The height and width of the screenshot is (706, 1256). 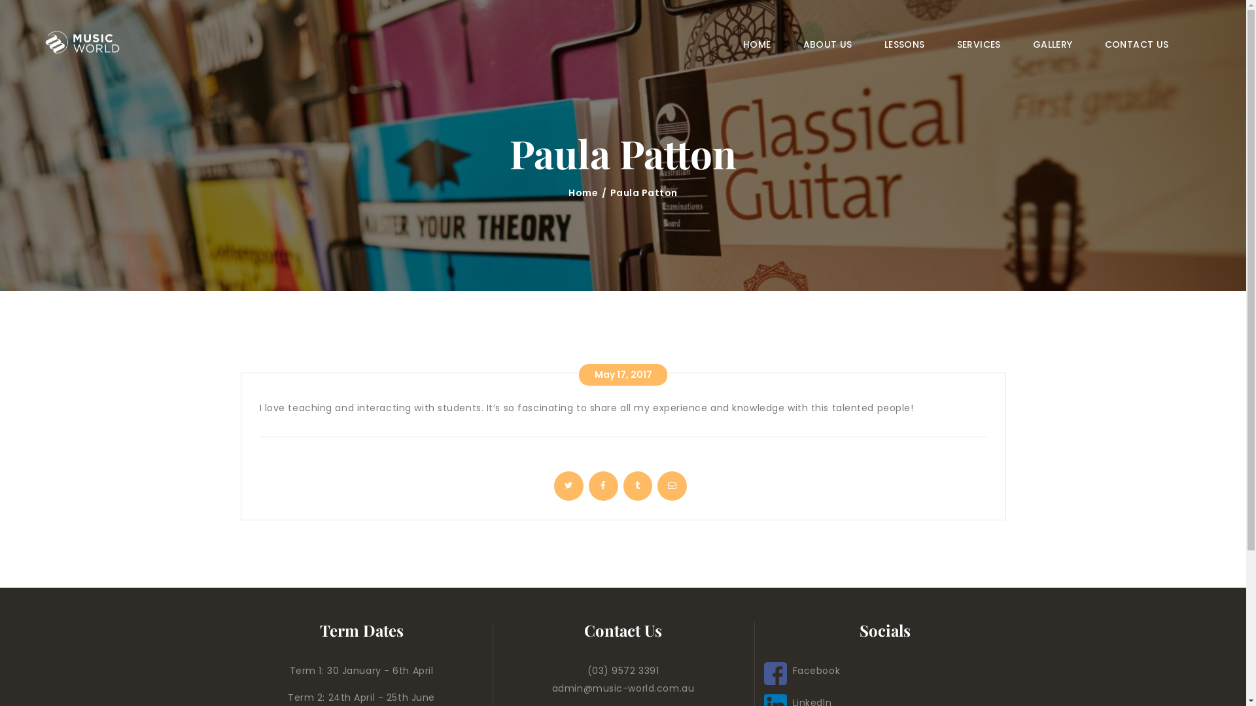 I want to click on 'LESSONS', so click(x=903, y=44).